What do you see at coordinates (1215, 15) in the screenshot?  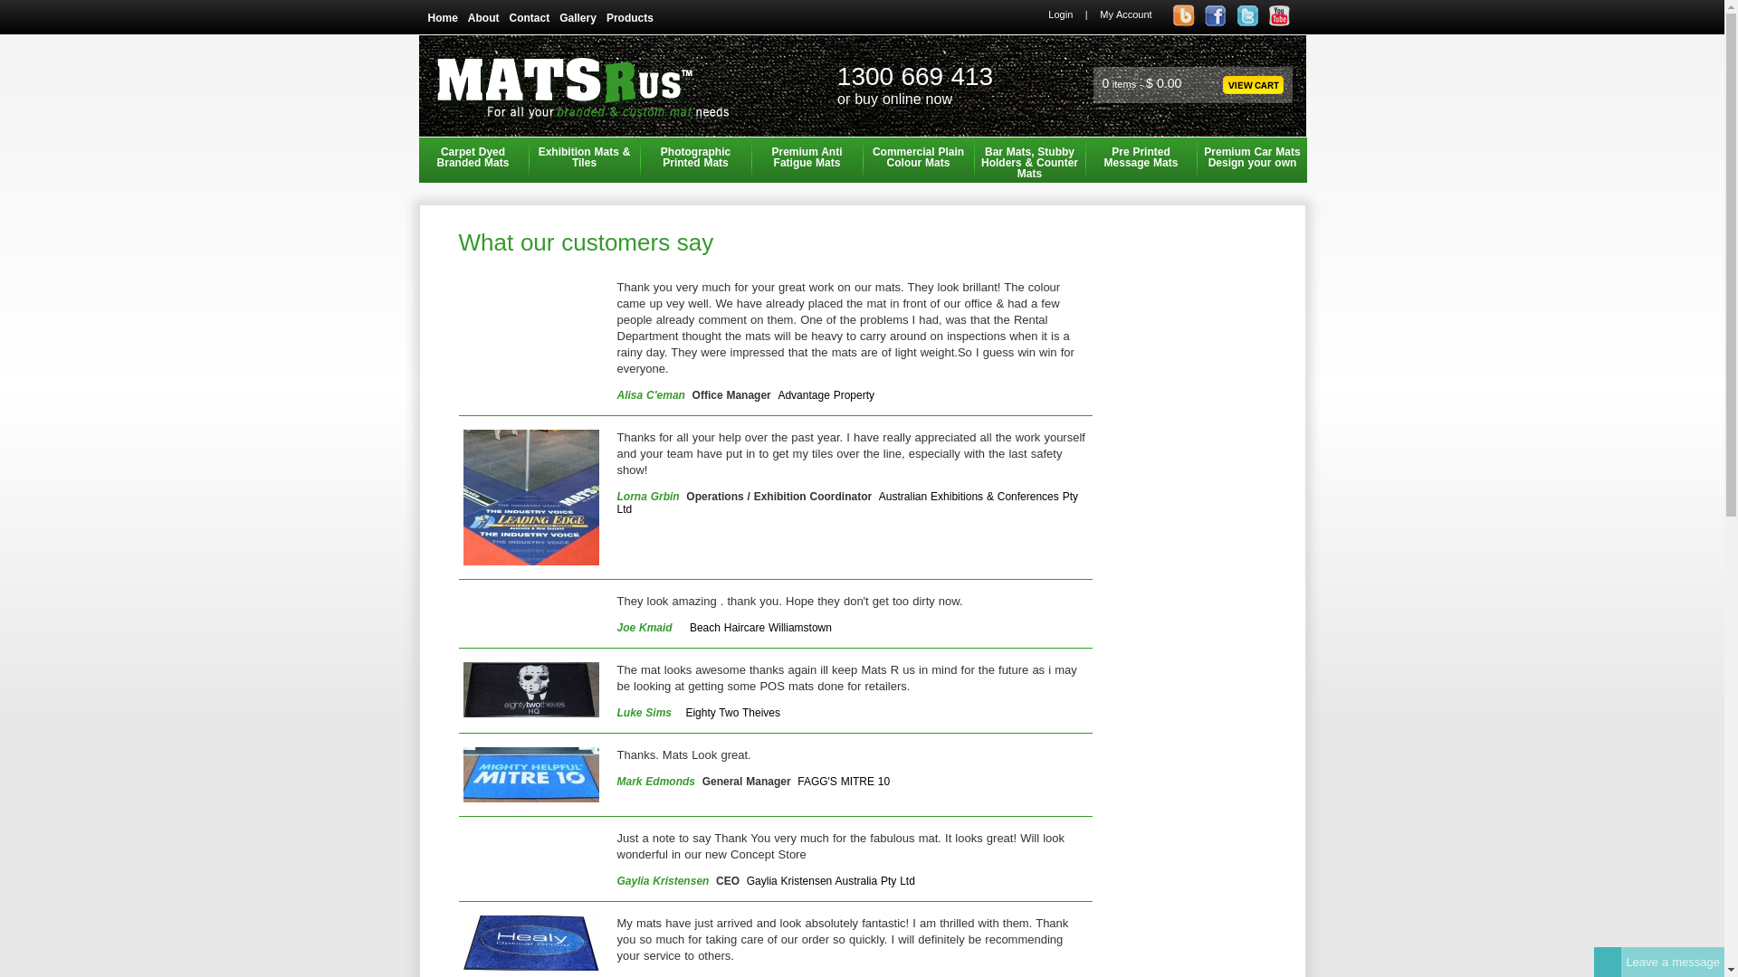 I see `'MatsRus Facebook account - click to like'` at bounding box center [1215, 15].